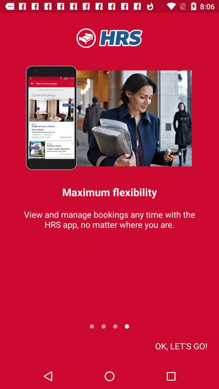 This screenshot has height=389, width=219. Describe the element at coordinates (181, 345) in the screenshot. I see `ok let s icon` at that location.